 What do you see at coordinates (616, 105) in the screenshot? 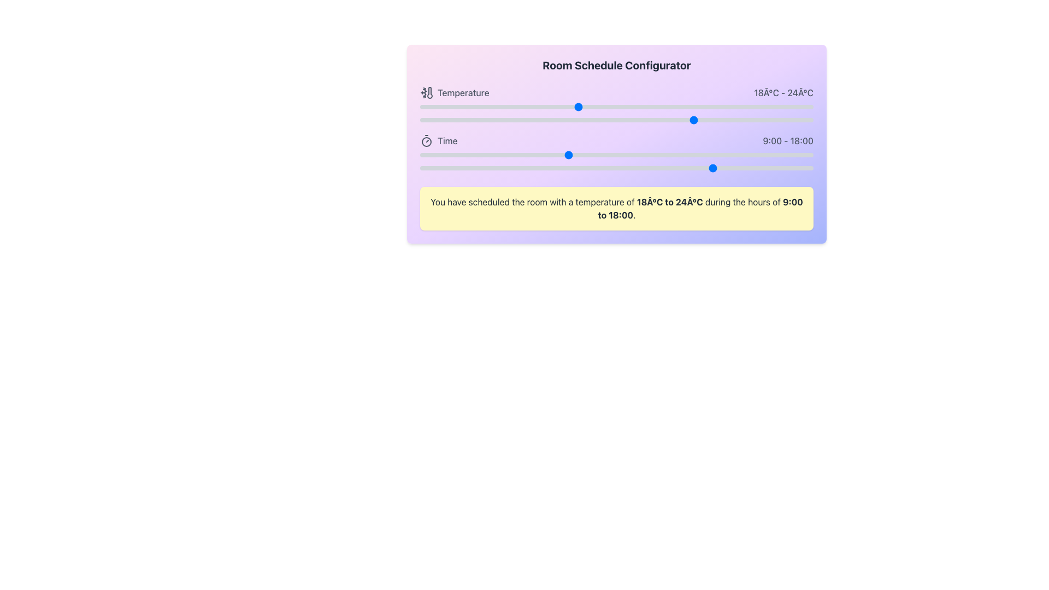
I see `the 'Temperature 18°C - 24°C' label, which is a textual heading in bold font, positioned above the temperature range slider in the 'Room Schedule Configurator'` at bounding box center [616, 105].